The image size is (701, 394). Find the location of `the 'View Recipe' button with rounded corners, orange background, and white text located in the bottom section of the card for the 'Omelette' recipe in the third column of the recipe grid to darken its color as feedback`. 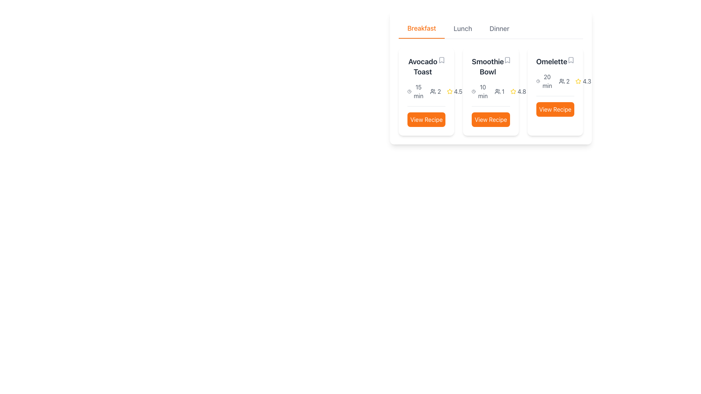

the 'View Recipe' button with rounded corners, orange background, and white text located in the bottom section of the card for the 'Omelette' recipe in the third column of the recipe grid to darken its color as feedback is located at coordinates (555, 109).